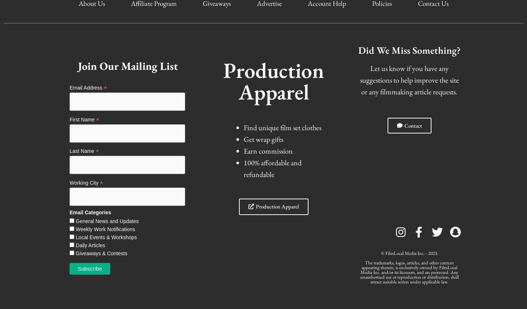 This screenshot has height=309, width=527. Describe the element at coordinates (263, 139) in the screenshot. I see `'Get wrap gifts'` at that location.